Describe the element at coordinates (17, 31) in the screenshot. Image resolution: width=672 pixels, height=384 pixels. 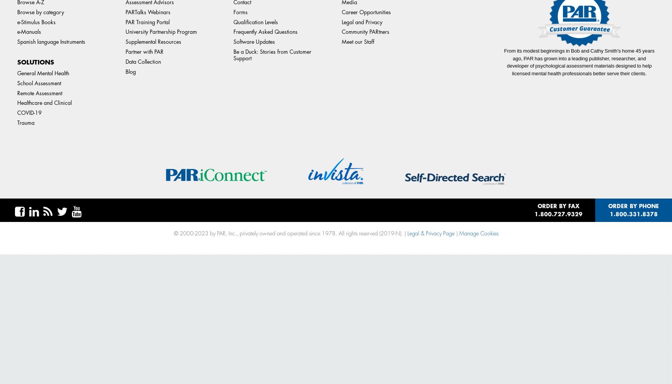
I see `'e-Manuals'` at that location.